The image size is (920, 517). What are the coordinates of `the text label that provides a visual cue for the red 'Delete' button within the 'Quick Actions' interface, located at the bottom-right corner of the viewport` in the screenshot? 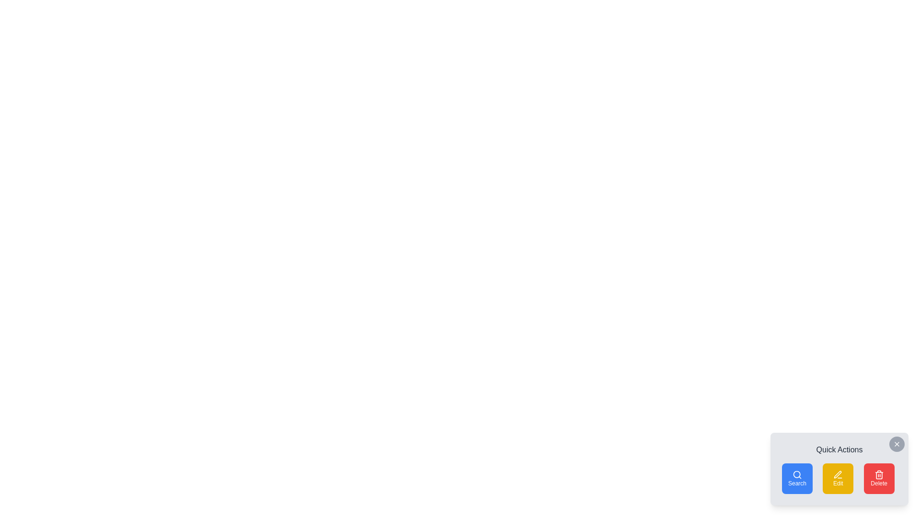 It's located at (879, 483).